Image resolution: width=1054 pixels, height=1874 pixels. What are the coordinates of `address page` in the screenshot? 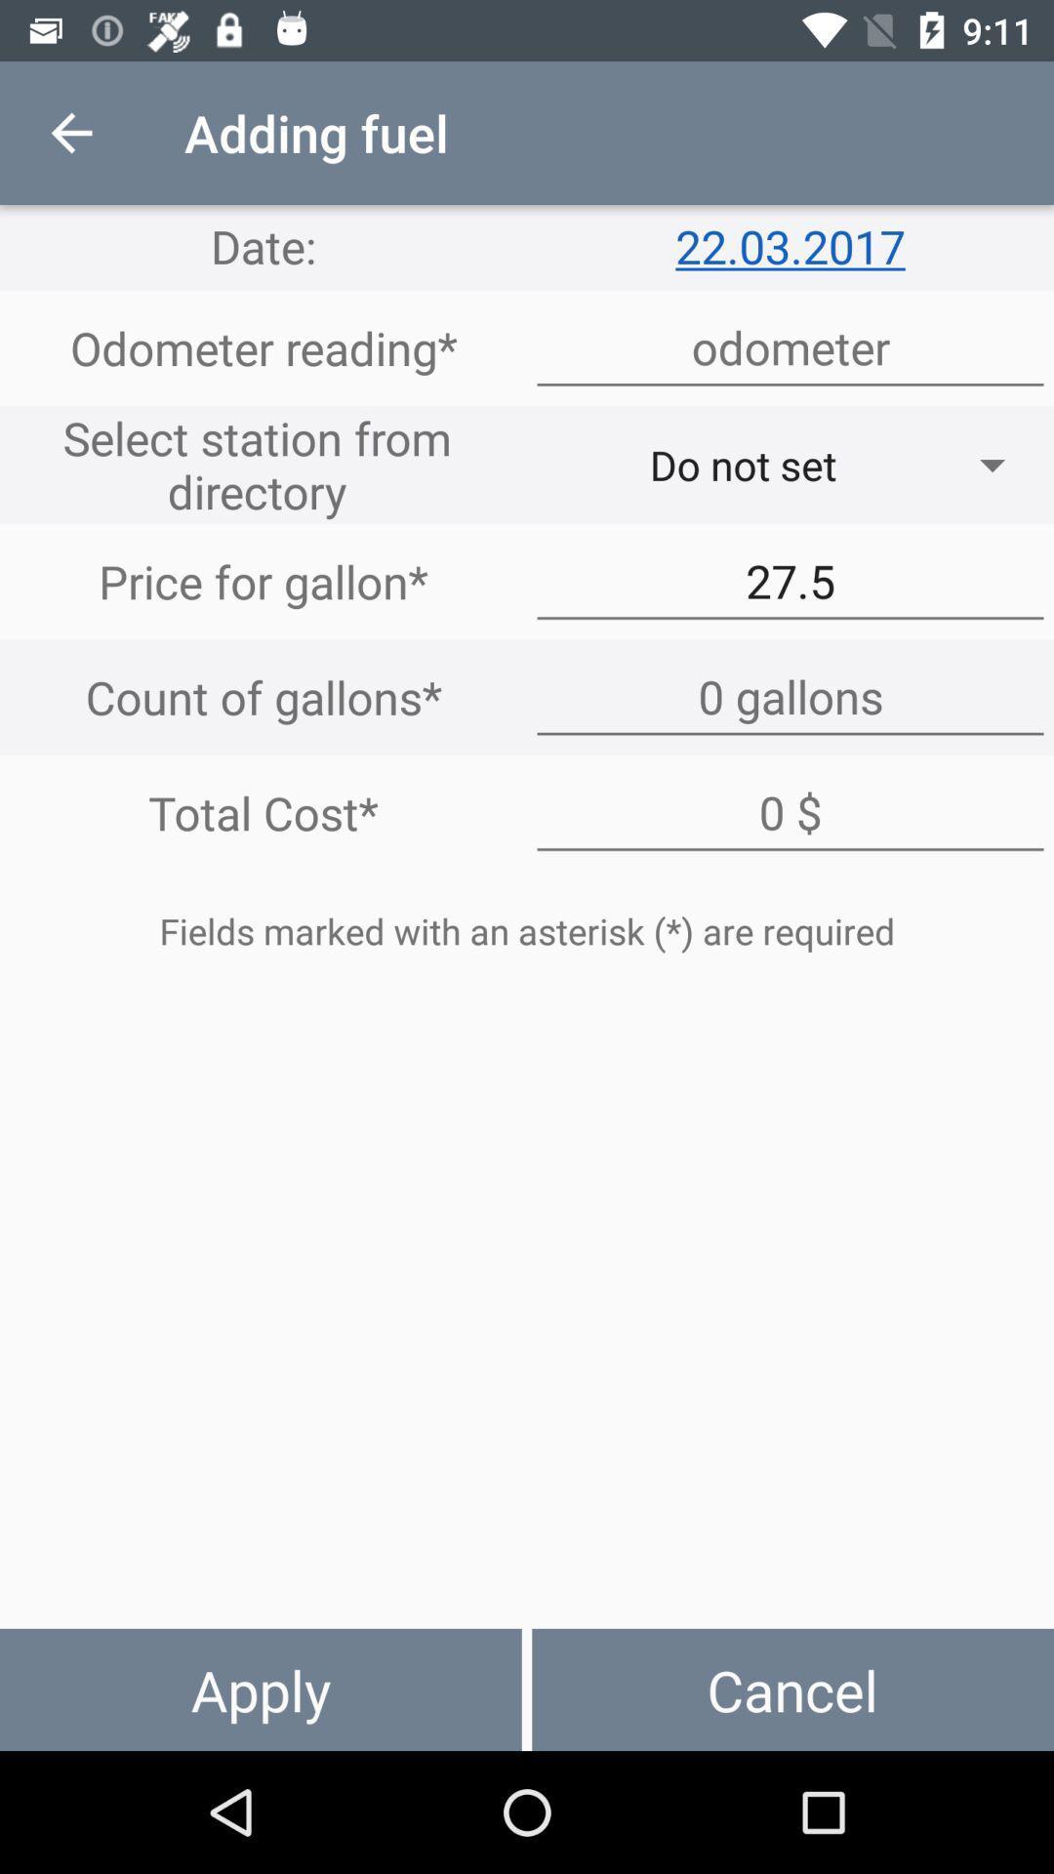 It's located at (790, 347).